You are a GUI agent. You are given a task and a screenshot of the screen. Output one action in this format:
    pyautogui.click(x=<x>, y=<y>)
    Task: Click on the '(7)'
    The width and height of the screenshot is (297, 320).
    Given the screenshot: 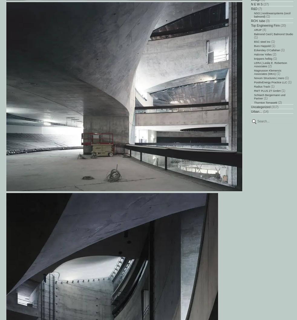 What is the action you would take?
    pyautogui.click(x=259, y=9)
    